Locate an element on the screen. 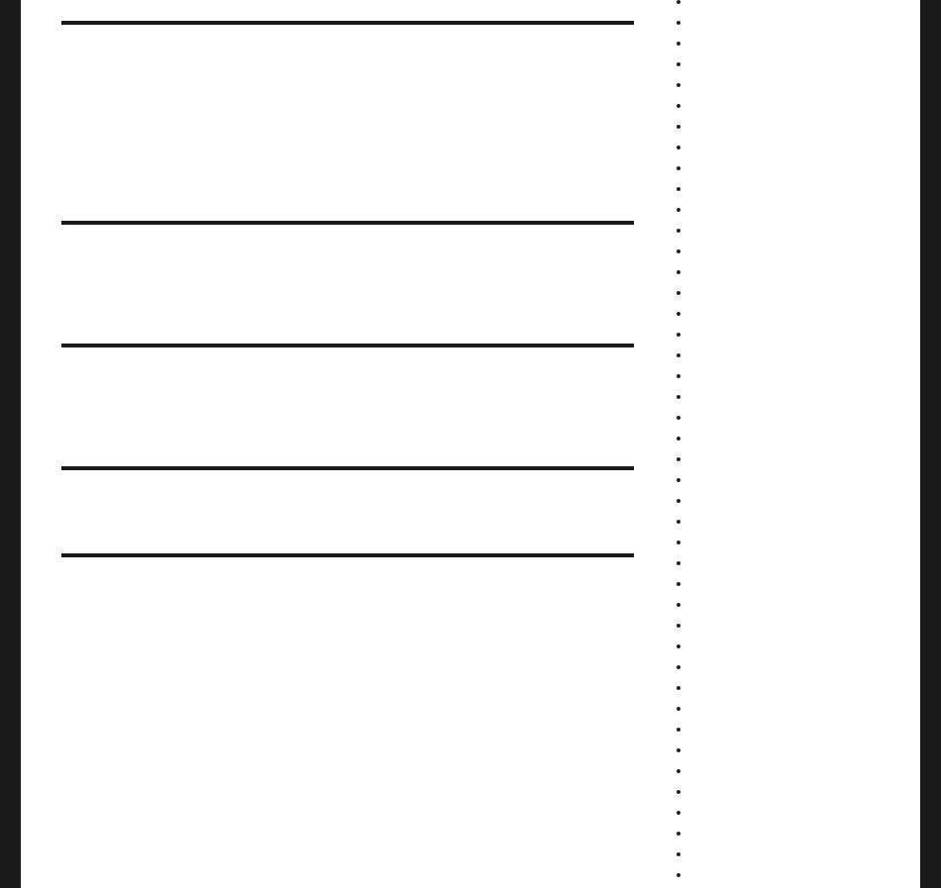  'March 2005' is located at coordinates (720, 811).